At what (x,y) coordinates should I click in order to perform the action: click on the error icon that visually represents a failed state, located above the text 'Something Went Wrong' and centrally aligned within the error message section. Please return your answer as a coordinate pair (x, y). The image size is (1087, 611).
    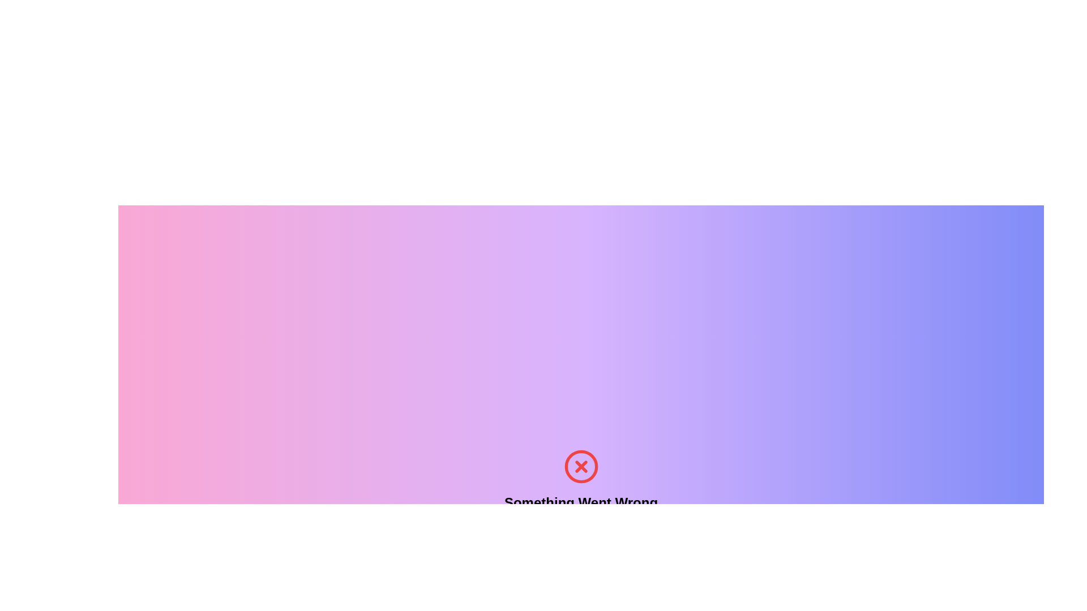
    Looking at the image, I should click on (581, 467).